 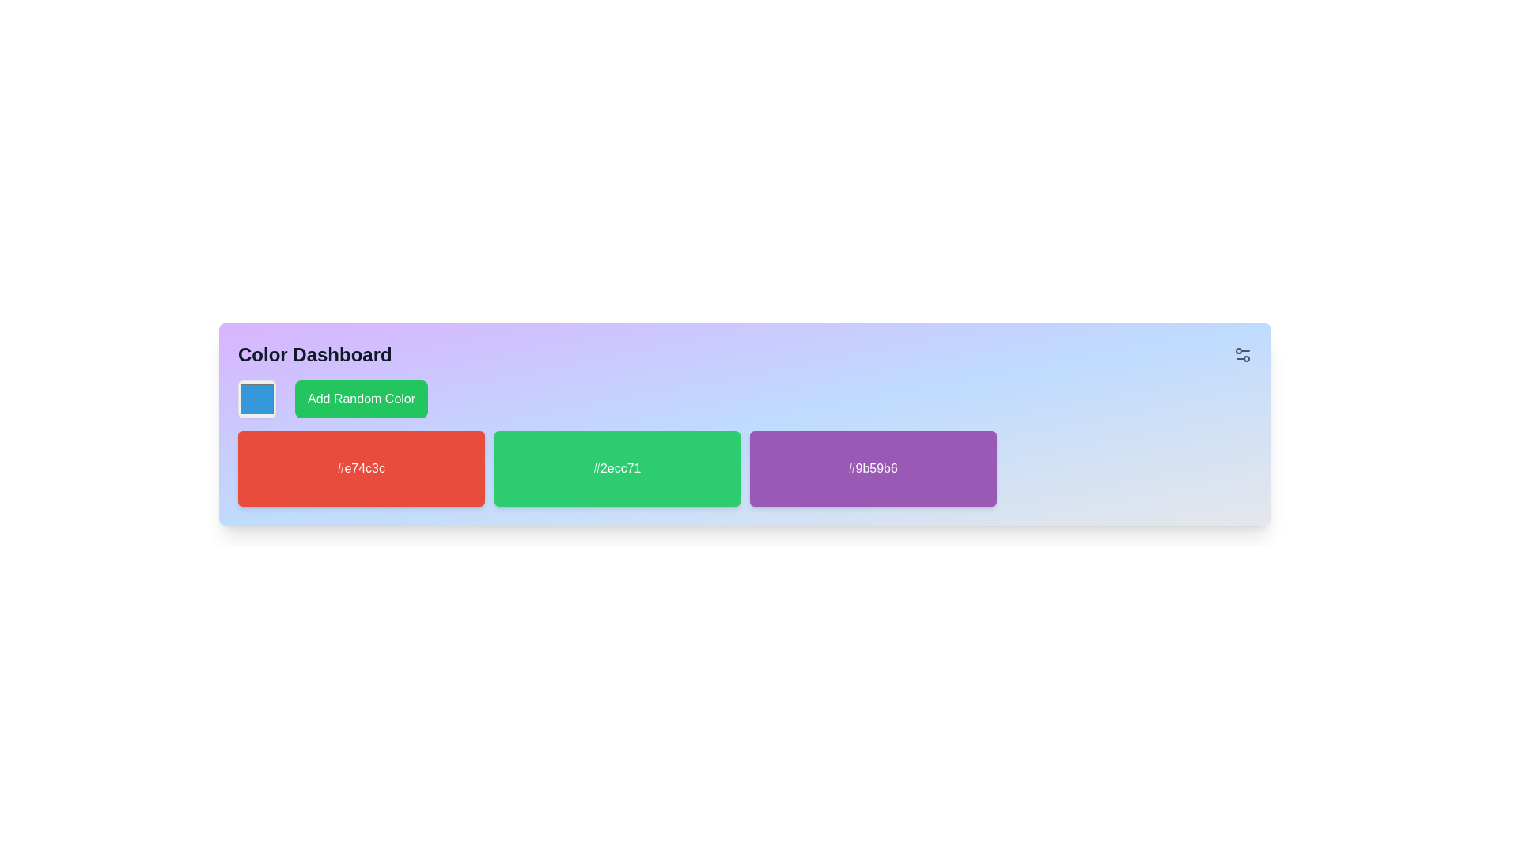 I want to click on the first button in the horizontal grid with a red background and white text displaying '#e74c3c', so click(x=360, y=468).